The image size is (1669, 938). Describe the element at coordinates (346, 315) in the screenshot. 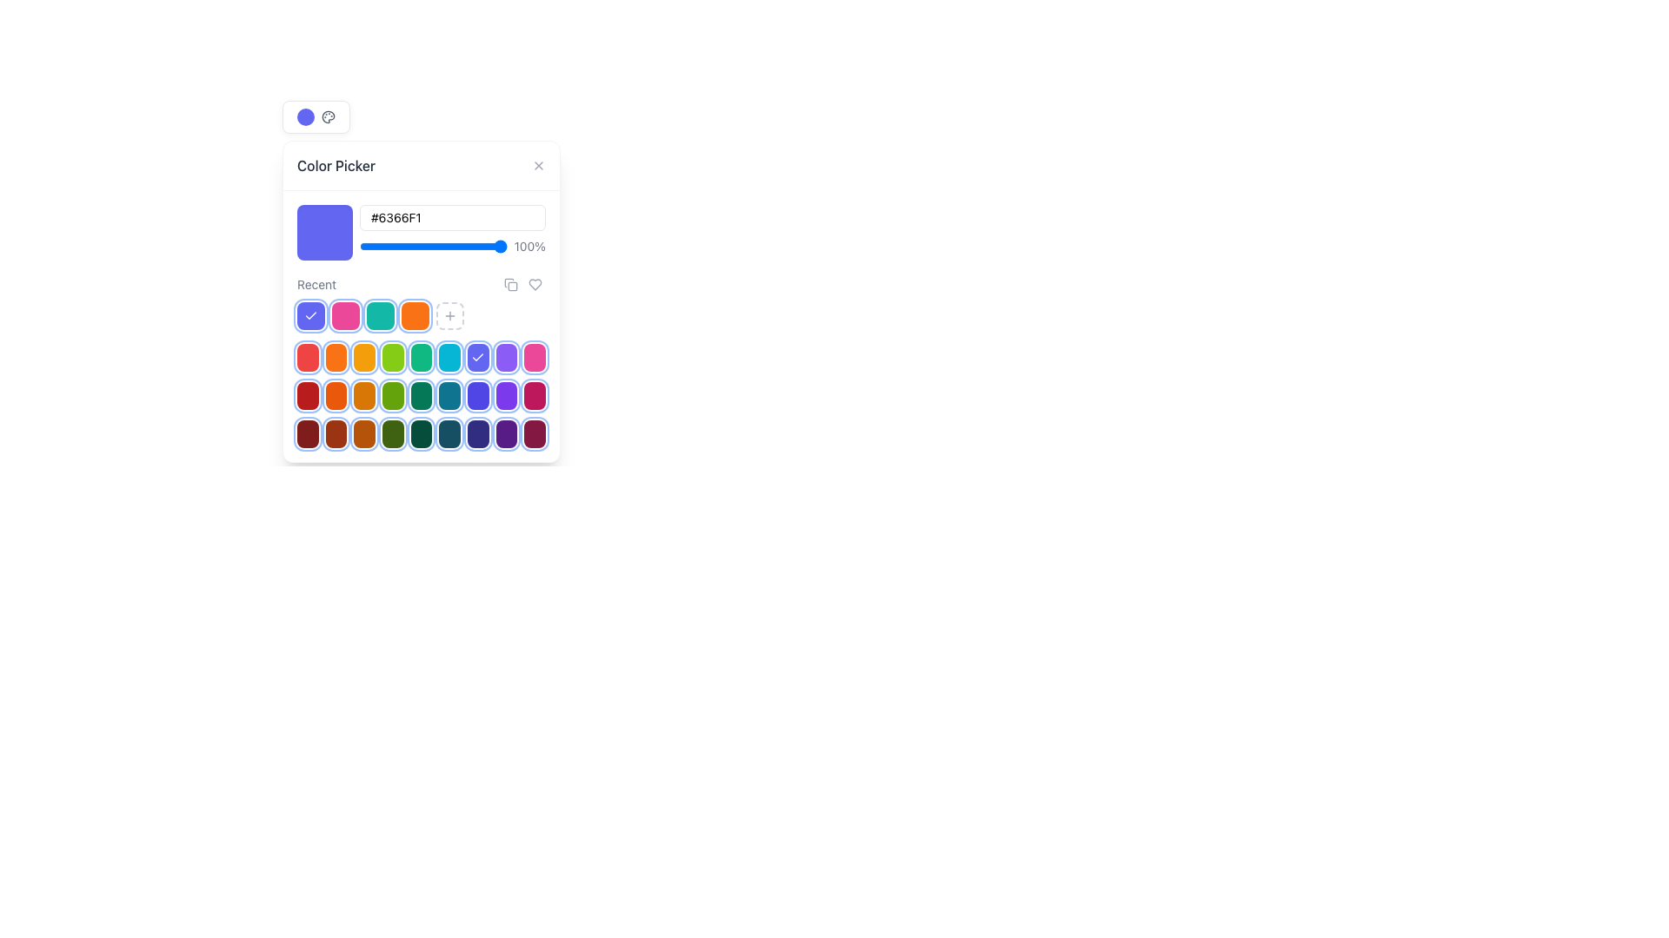

I see `the recently selected color option button, which is the second item in the first row of the color swatches with a vivid pink color` at that location.